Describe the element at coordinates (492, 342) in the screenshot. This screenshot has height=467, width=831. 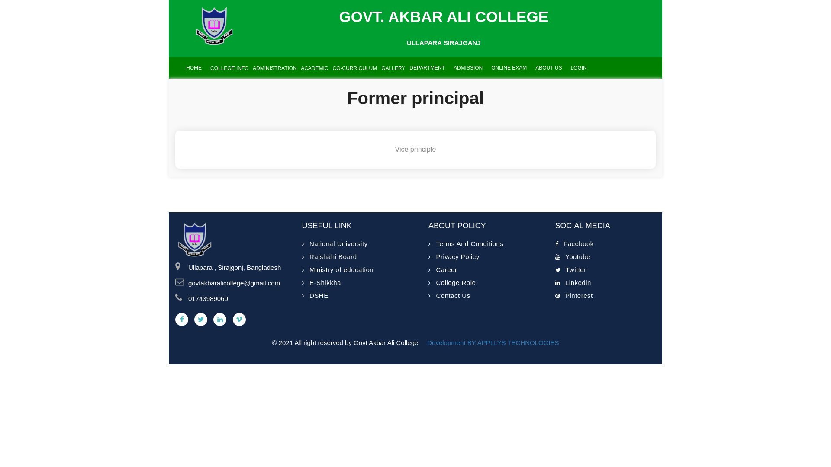
I see `'Development BY APPLLYS TECHNOLOGIES'` at that location.